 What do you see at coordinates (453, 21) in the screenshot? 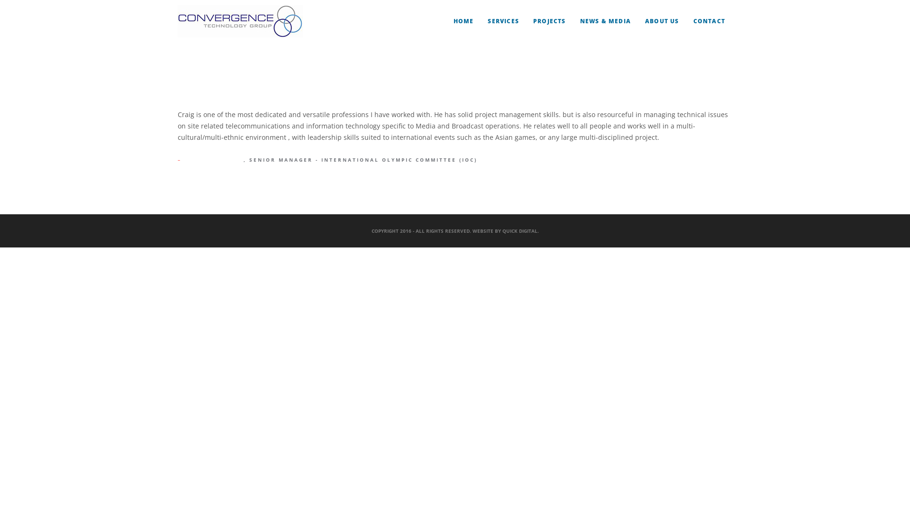
I see `'HOME'` at bounding box center [453, 21].